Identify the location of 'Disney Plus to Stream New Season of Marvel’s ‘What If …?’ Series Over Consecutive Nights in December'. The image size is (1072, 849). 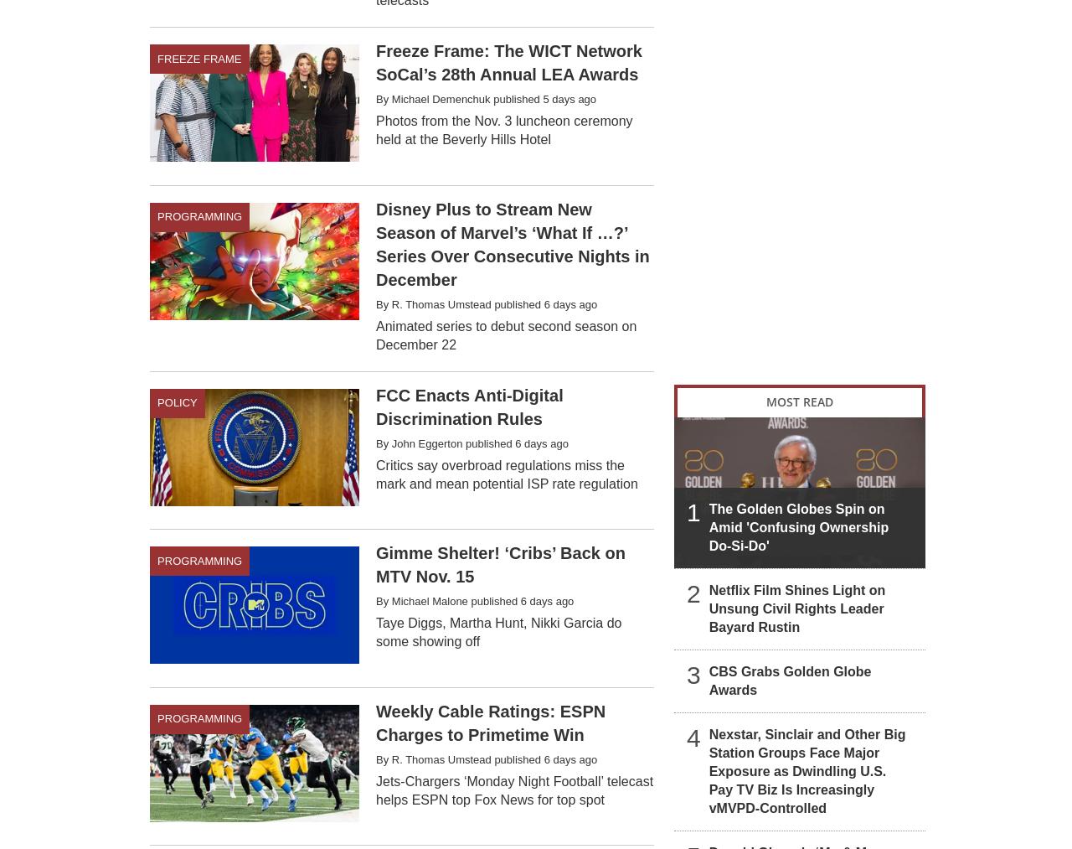
(511, 243).